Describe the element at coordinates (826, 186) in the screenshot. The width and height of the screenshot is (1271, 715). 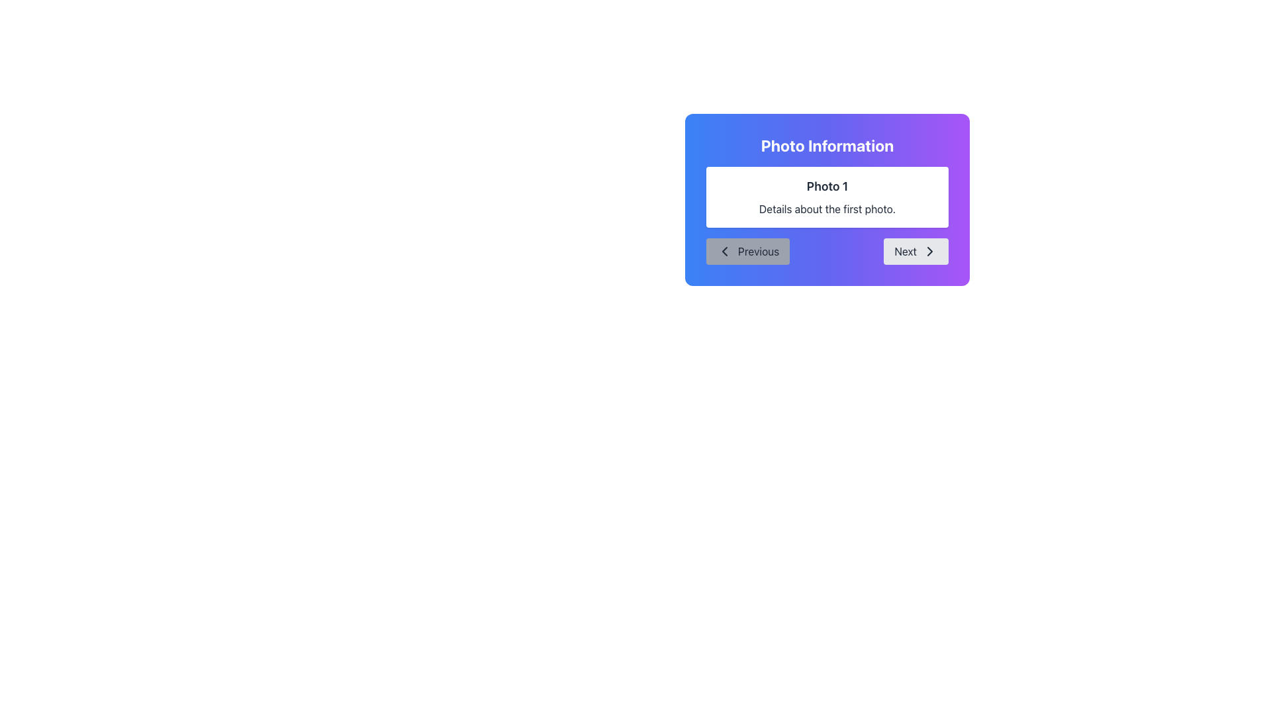
I see `text label that identifies the photo being referenced, located at the top-center of the card component, above the text 'Details about the first photo.'` at that location.